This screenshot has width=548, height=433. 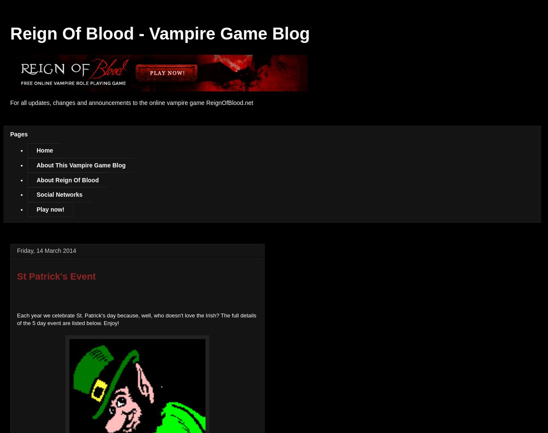 I want to click on 'About Reign Of Blood', so click(x=67, y=179).